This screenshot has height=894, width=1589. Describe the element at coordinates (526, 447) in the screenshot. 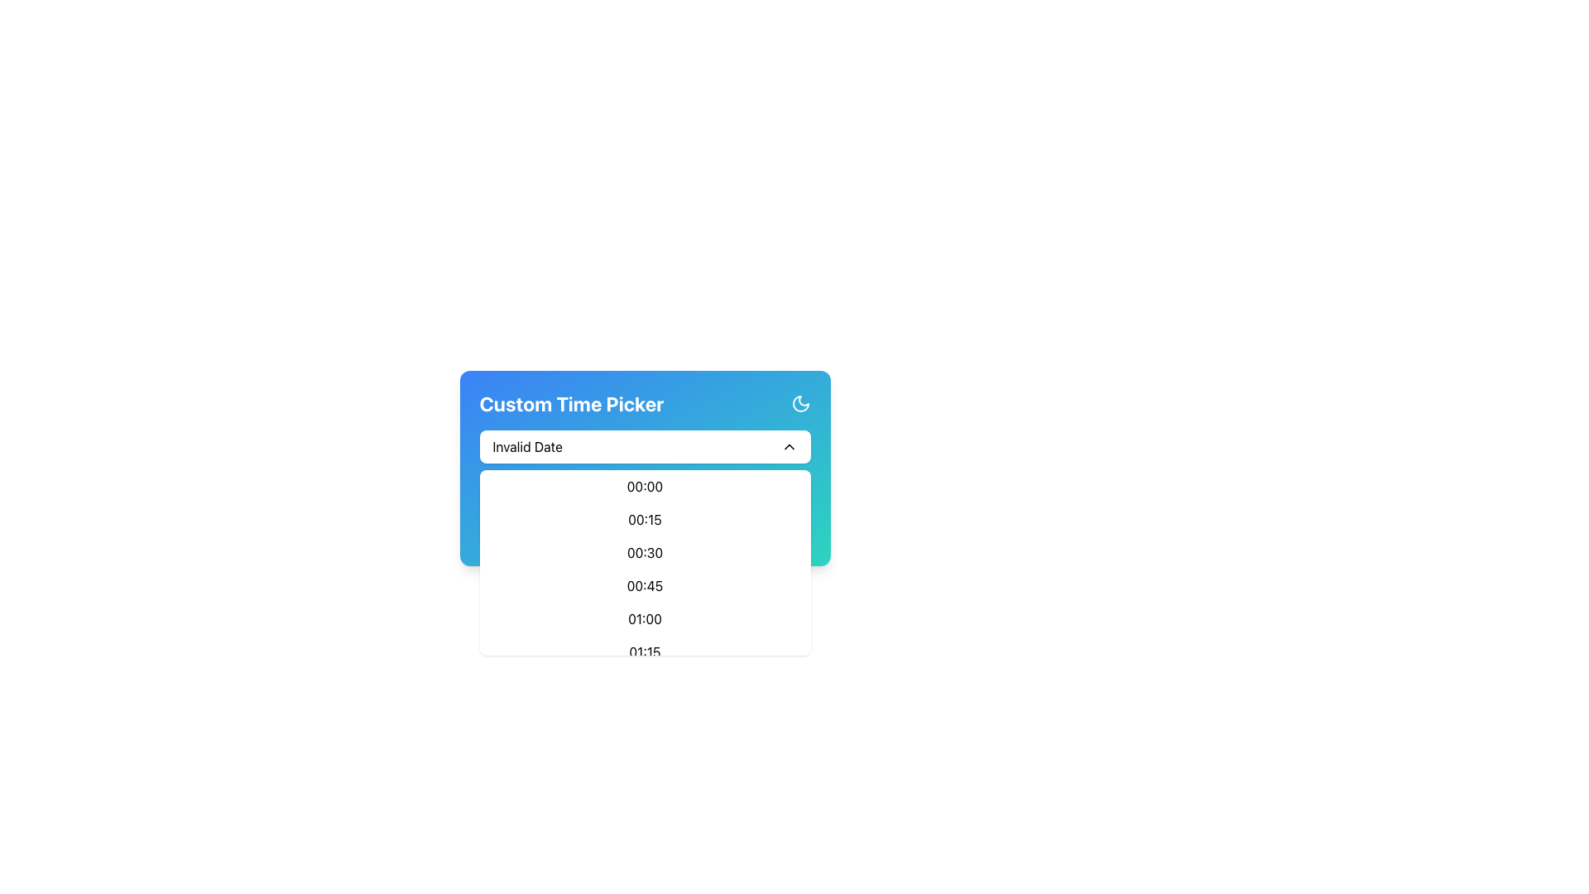

I see `the text label displaying 'Invalid Date' which is positioned inside the Custom Time Picker interface, located close to the center and to the left of a chevron icon` at that location.